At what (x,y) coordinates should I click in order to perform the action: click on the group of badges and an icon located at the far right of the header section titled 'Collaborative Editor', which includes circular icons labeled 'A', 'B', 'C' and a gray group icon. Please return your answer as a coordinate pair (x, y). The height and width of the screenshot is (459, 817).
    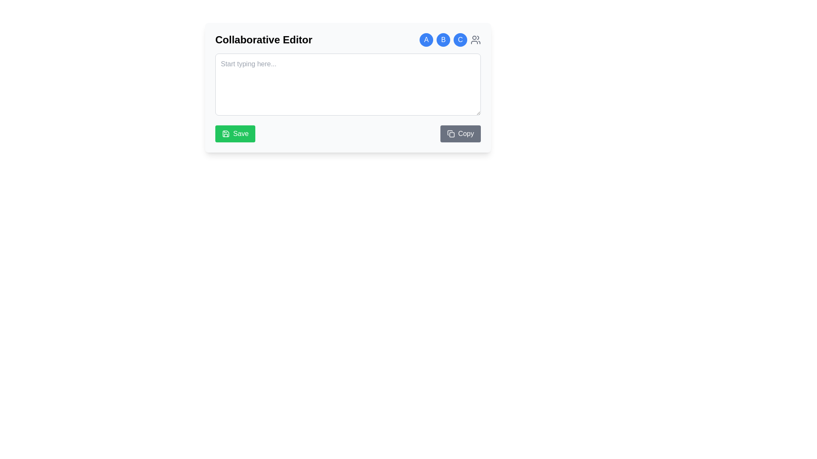
    Looking at the image, I should click on (449, 40).